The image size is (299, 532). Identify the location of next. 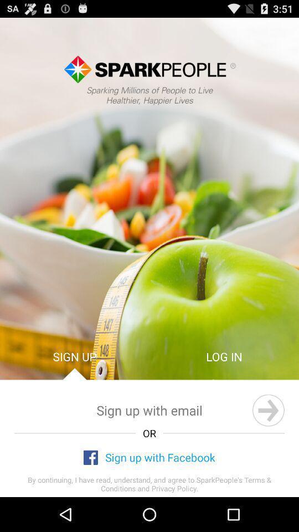
(267, 410).